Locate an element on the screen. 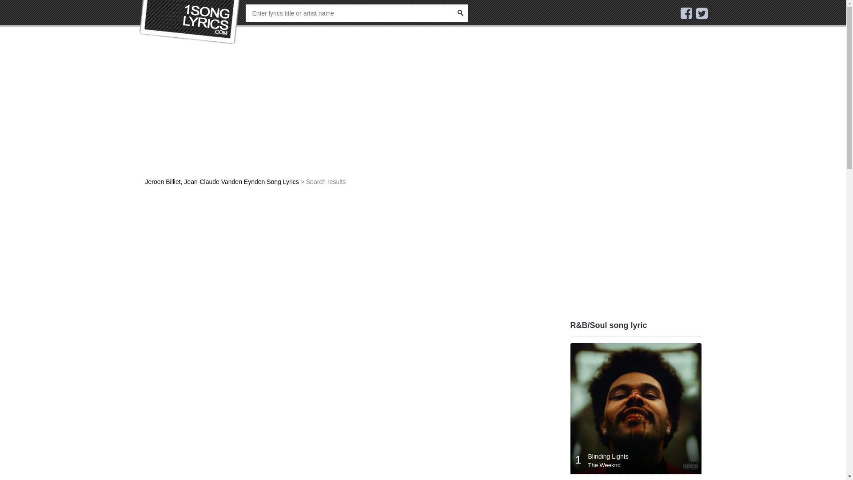  'The Weeknd' is located at coordinates (588, 464).